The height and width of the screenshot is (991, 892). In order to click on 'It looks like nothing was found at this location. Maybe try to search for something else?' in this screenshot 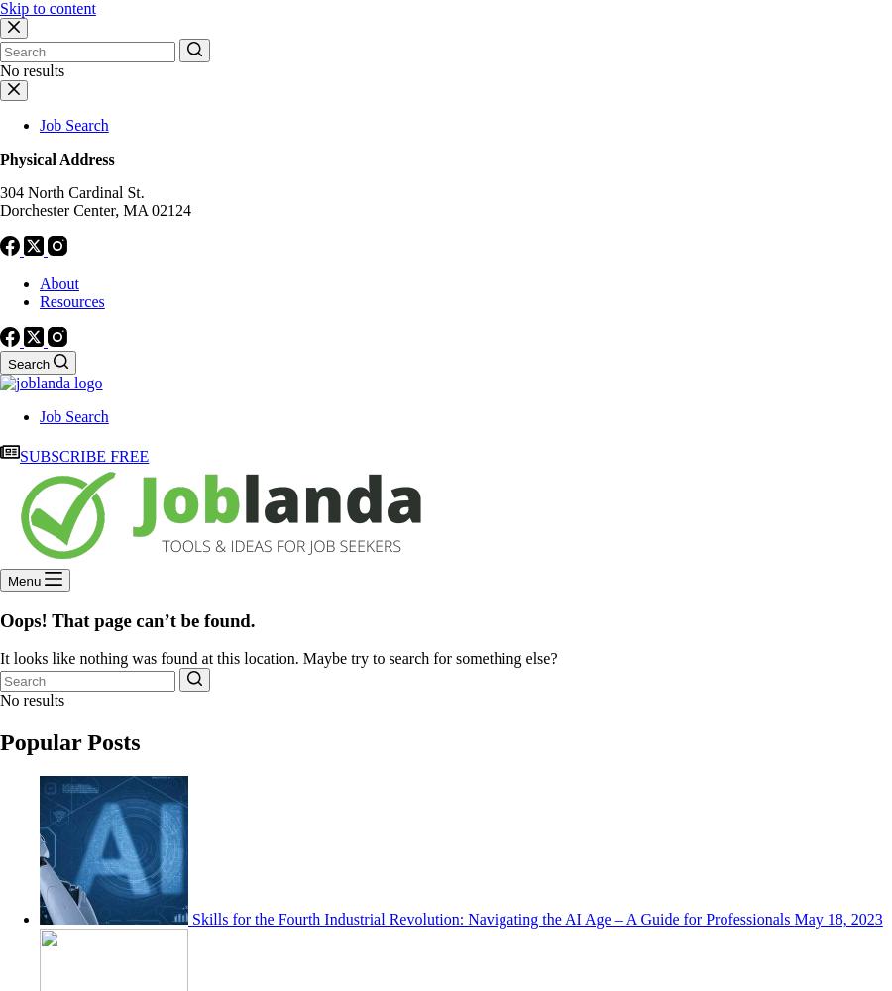, I will do `click(277, 658)`.